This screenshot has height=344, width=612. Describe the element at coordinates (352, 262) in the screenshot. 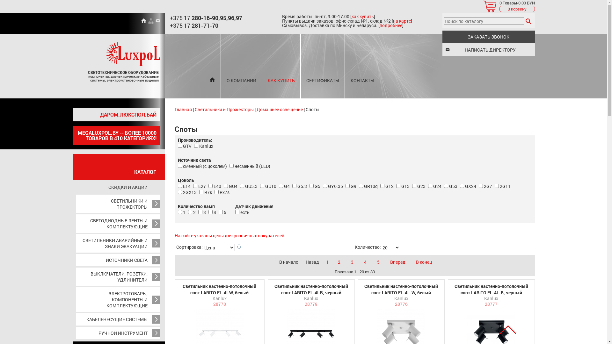

I see `'3'` at that location.